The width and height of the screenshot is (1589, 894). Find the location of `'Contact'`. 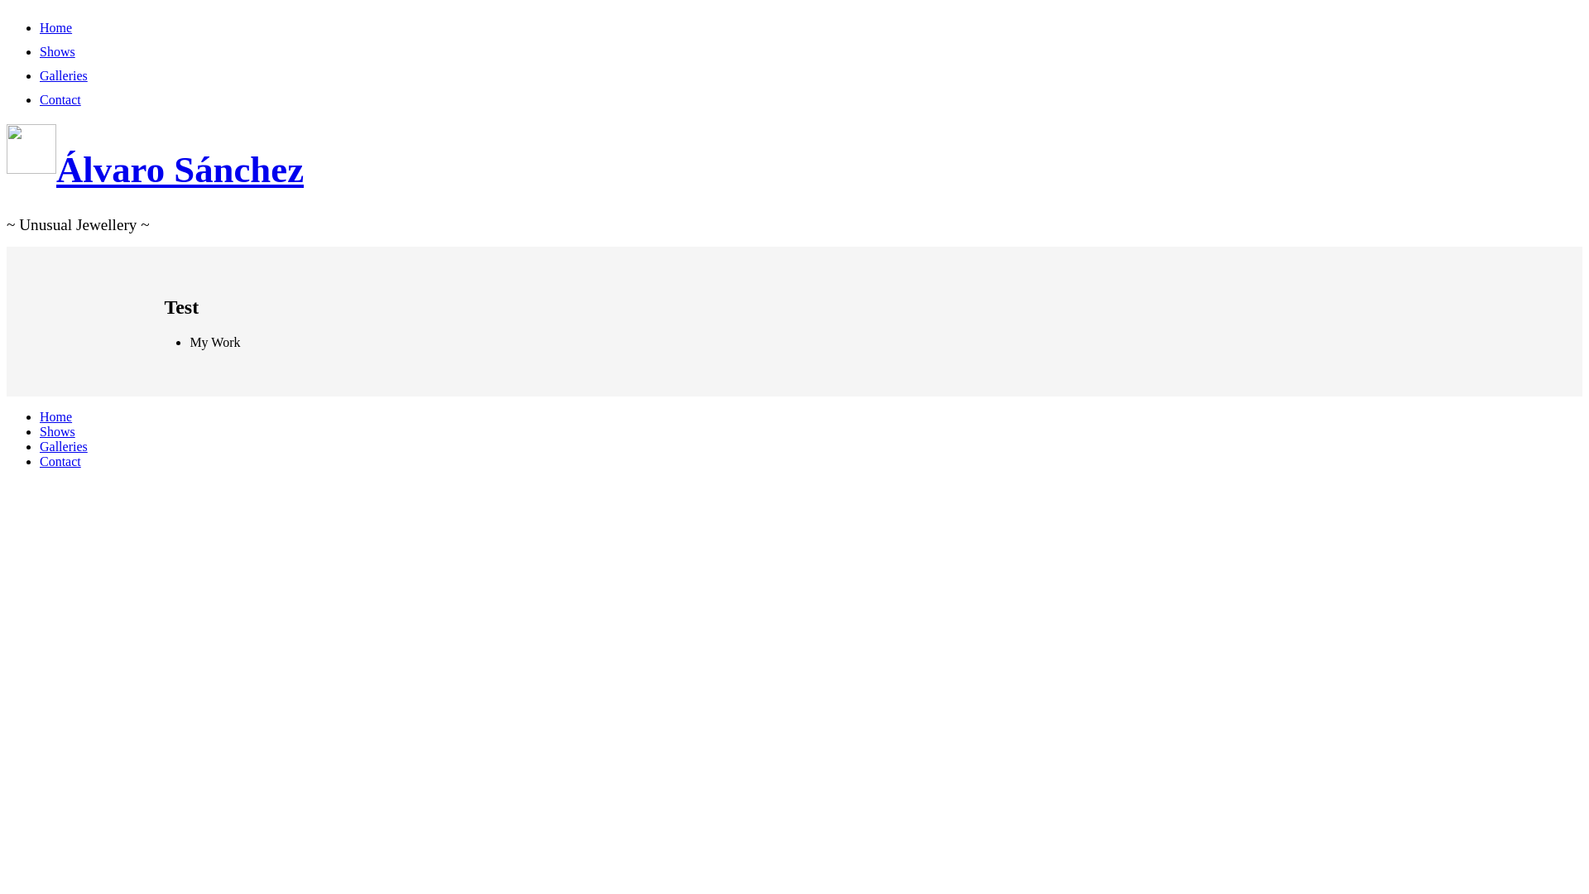

'Contact' is located at coordinates (40, 99).